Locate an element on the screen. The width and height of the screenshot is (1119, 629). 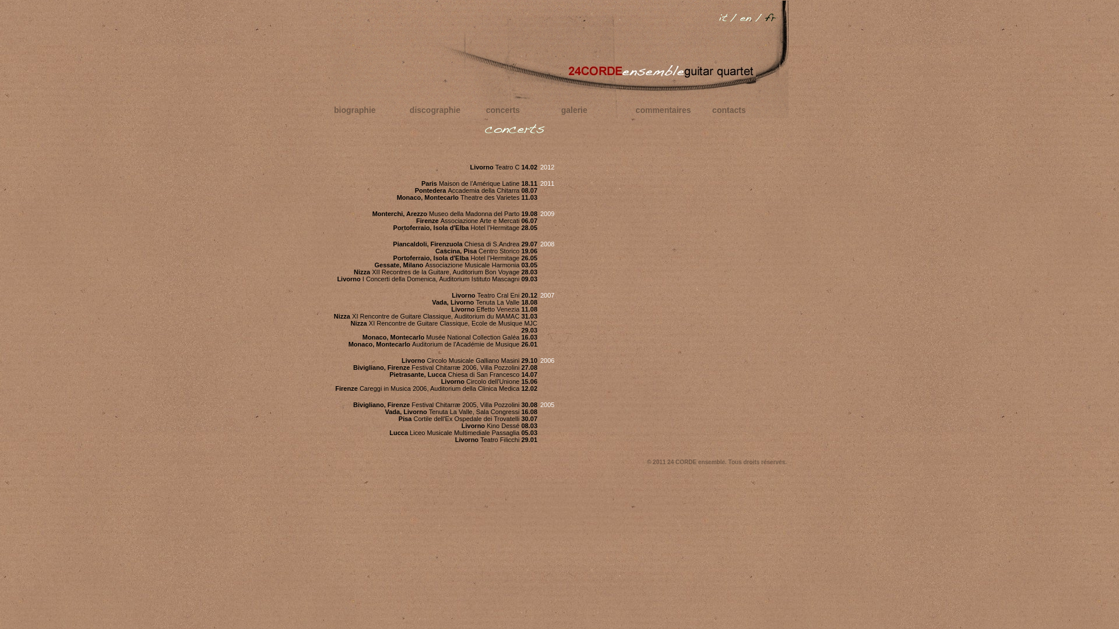
'galerie' is located at coordinates (574, 110).